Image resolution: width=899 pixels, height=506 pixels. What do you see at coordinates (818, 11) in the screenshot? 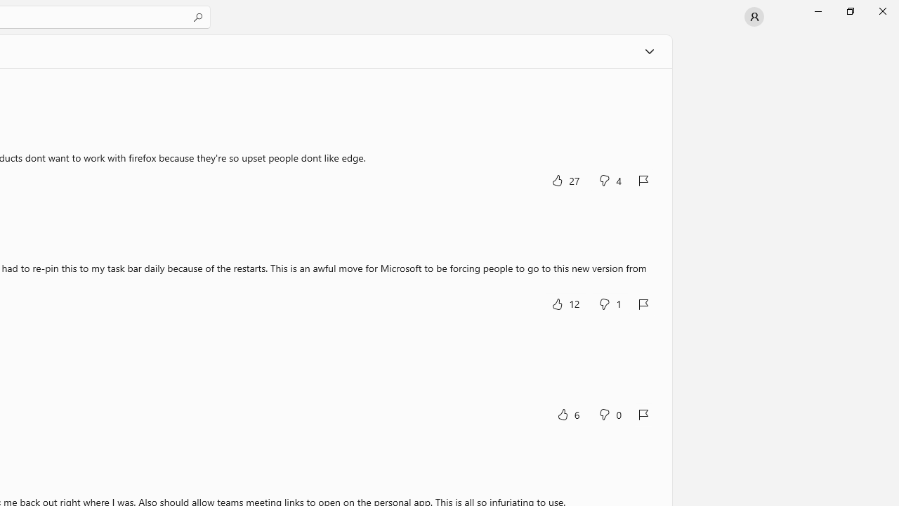
I see `'Minimize Microsoft Store'` at bounding box center [818, 11].